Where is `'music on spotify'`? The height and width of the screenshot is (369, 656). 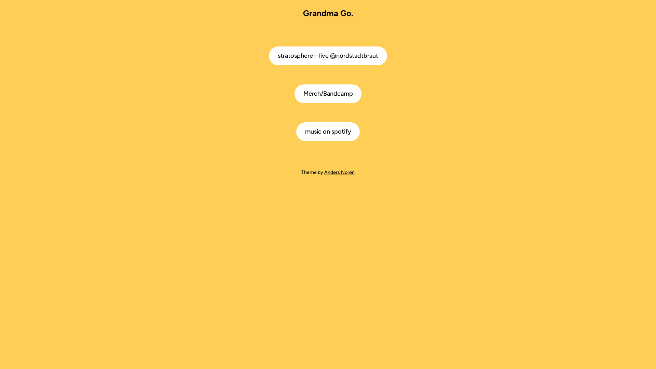
'music on spotify' is located at coordinates (328, 132).